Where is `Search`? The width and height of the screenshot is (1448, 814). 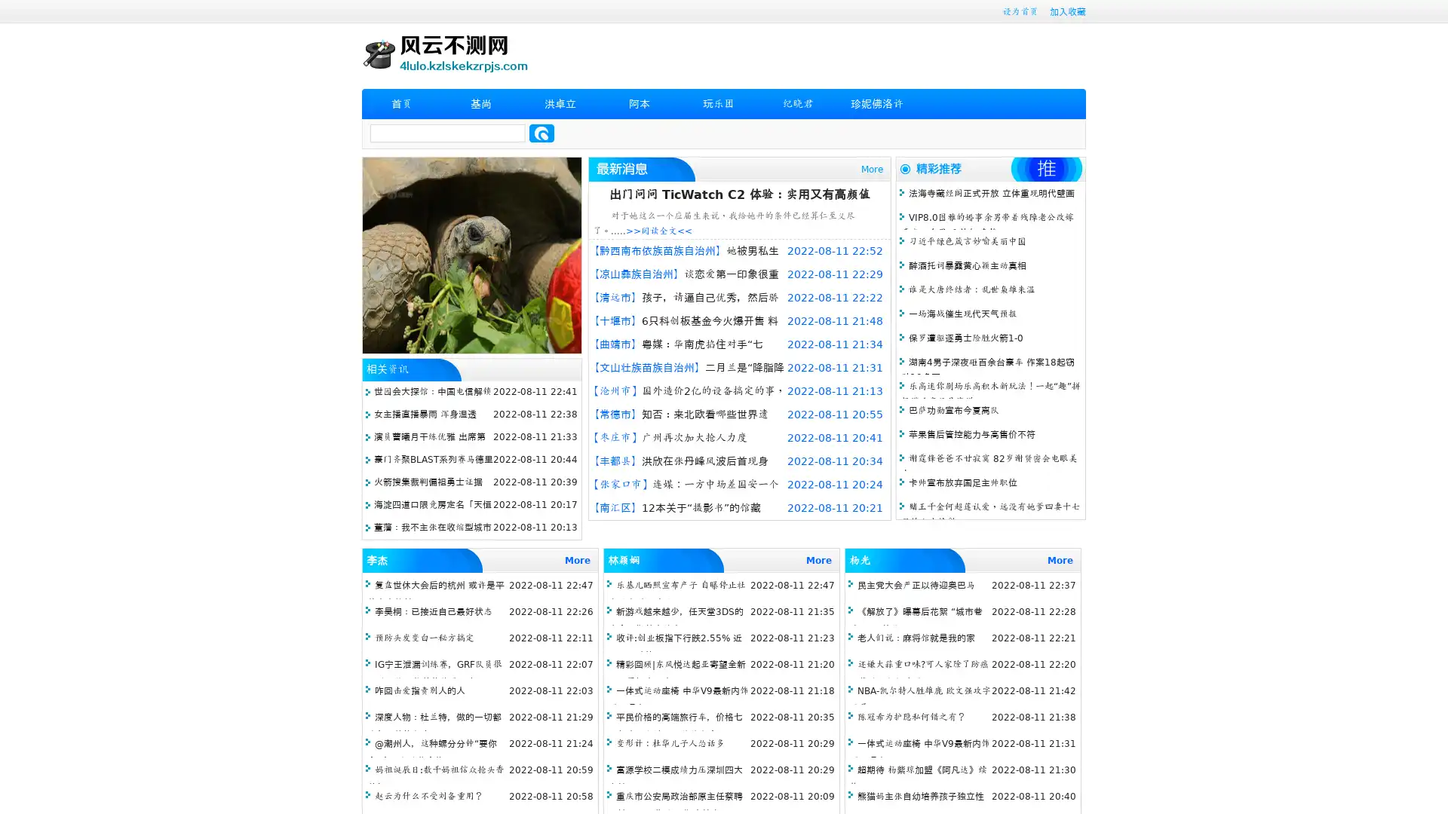
Search is located at coordinates (541, 133).